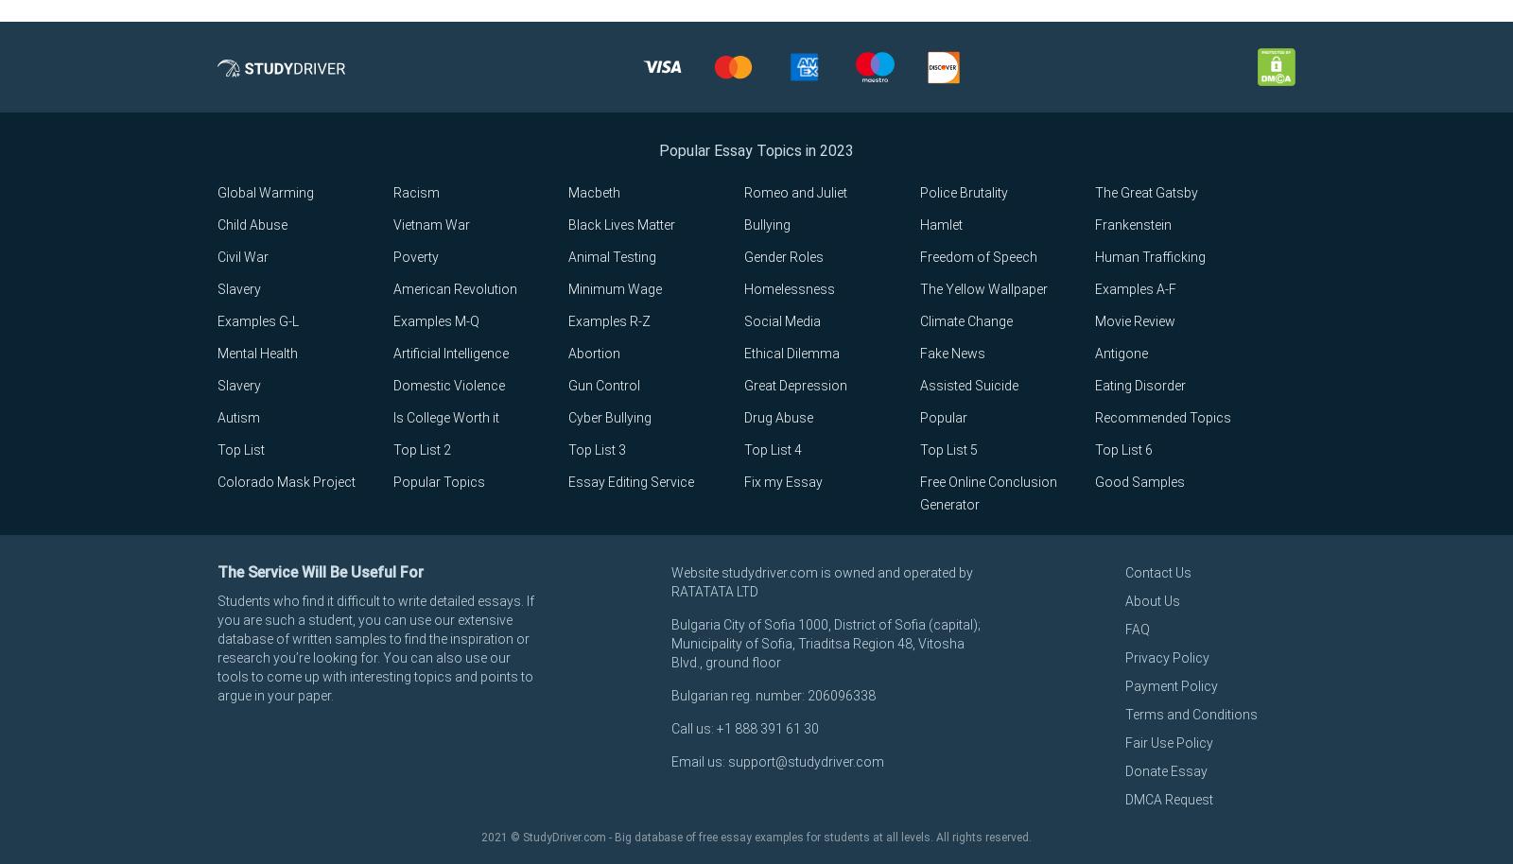  What do you see at coordinates (1095, 289) in the screenshot?
I see `'Examples A-F'` at bounding box center [1095, 289].